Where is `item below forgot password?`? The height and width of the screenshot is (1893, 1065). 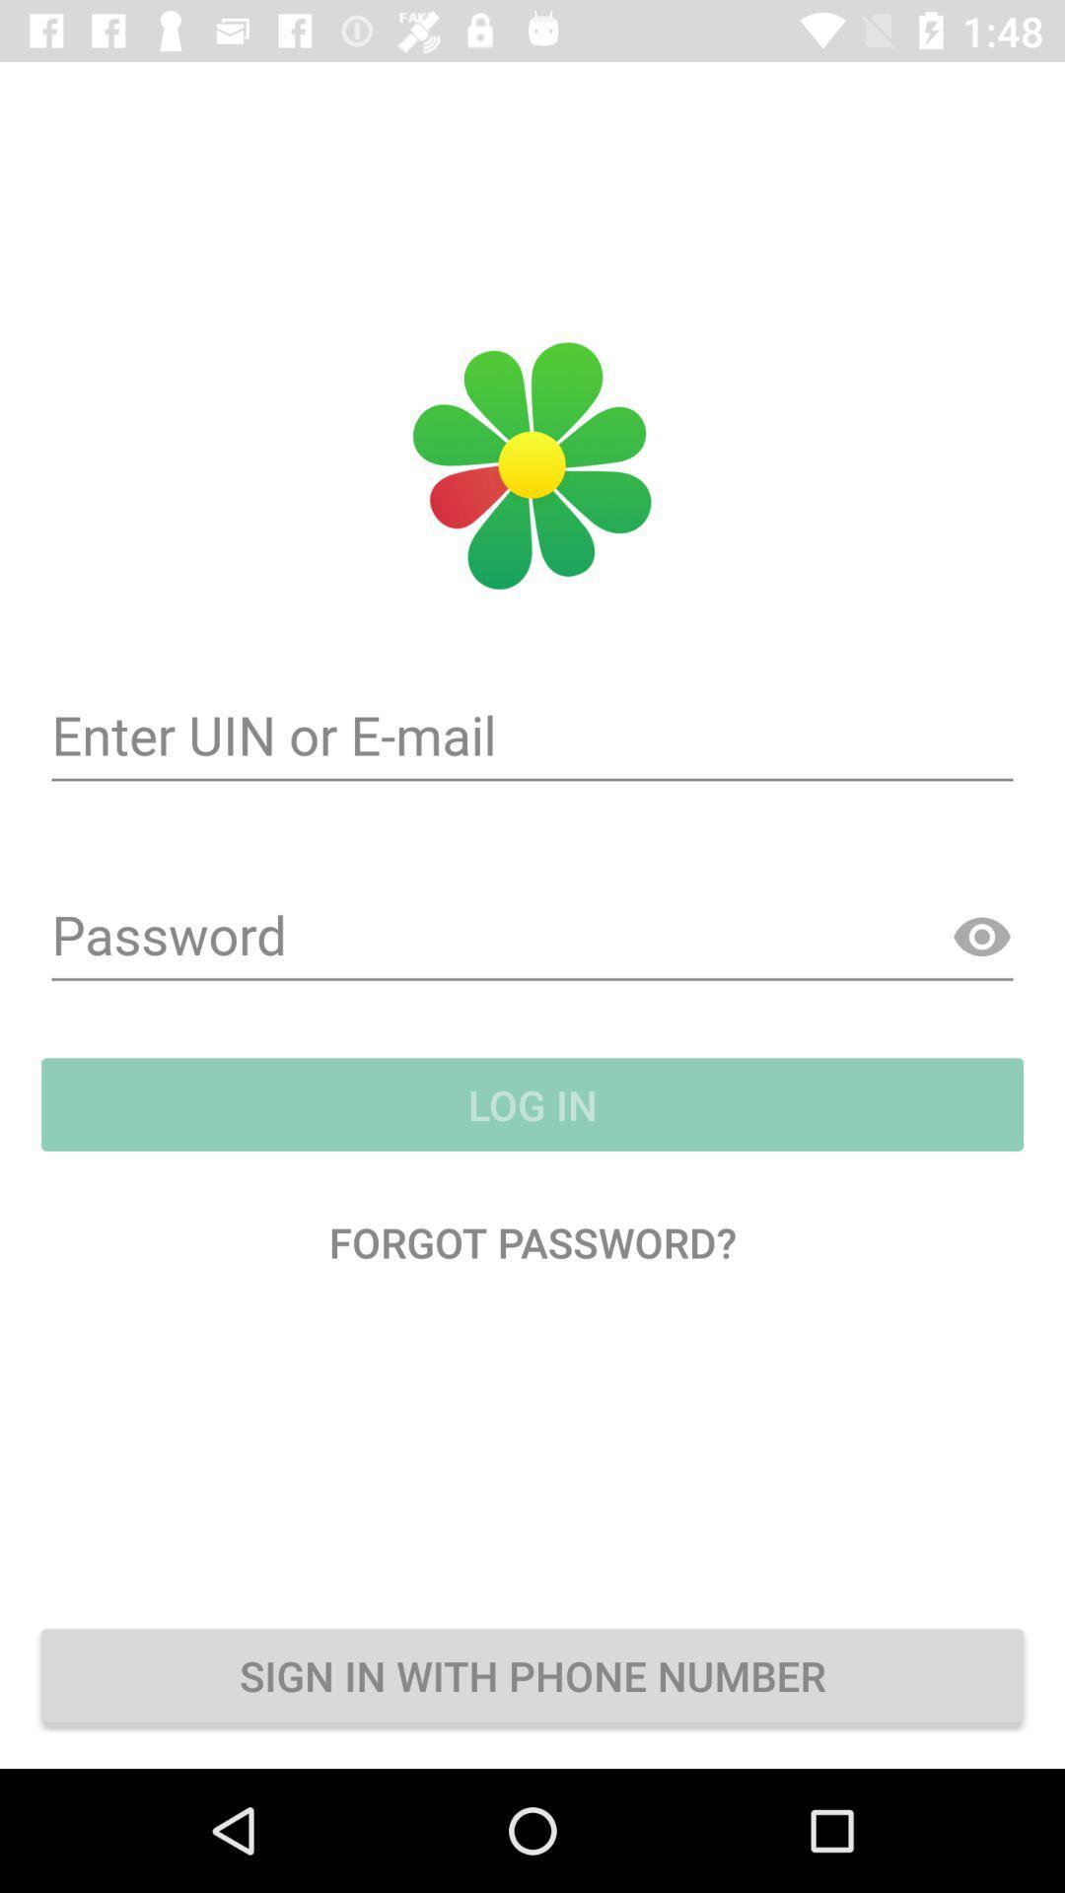 item below forgot password? is located at coordinates (532, 1674).